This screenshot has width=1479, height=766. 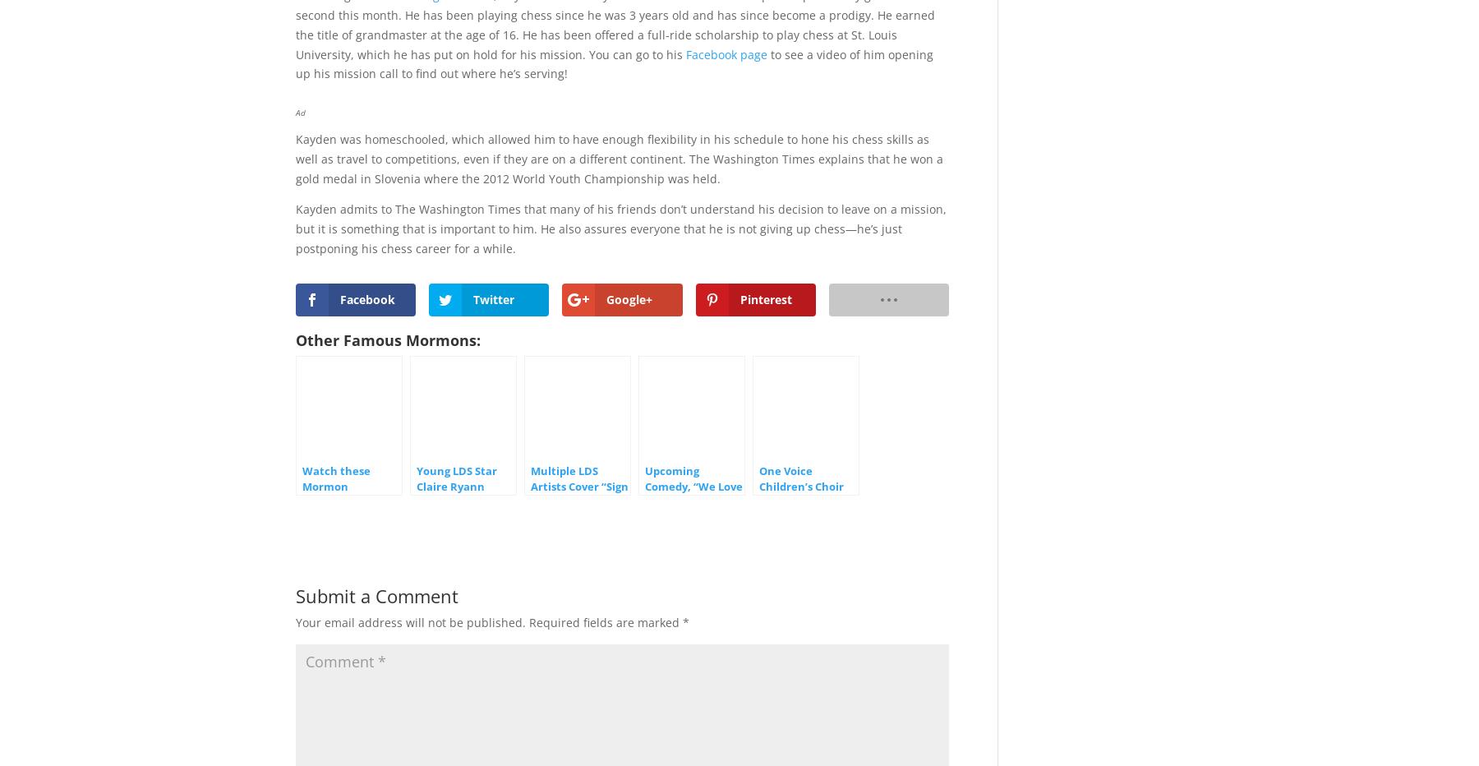 What do you see at coordinates (801, 501) in the screenshot?
I see `'One Voice Children’s Choir Covers “Something Just Like This”'` at bounding box center [801, 501].